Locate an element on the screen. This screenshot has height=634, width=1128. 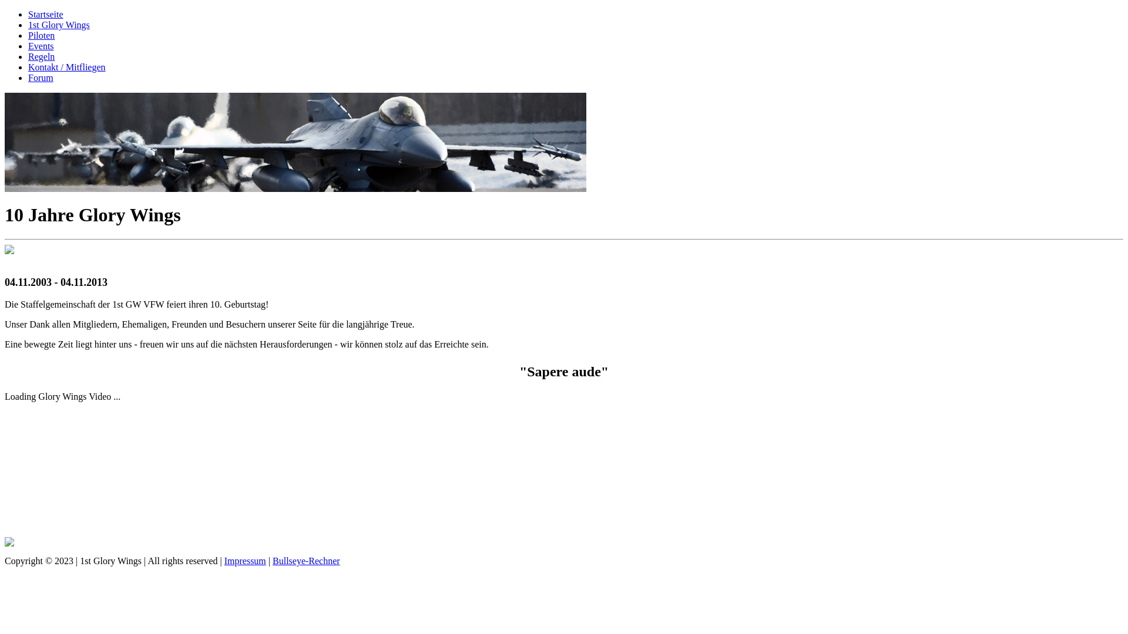
'Piloten' is located at coordinates (41, 35).